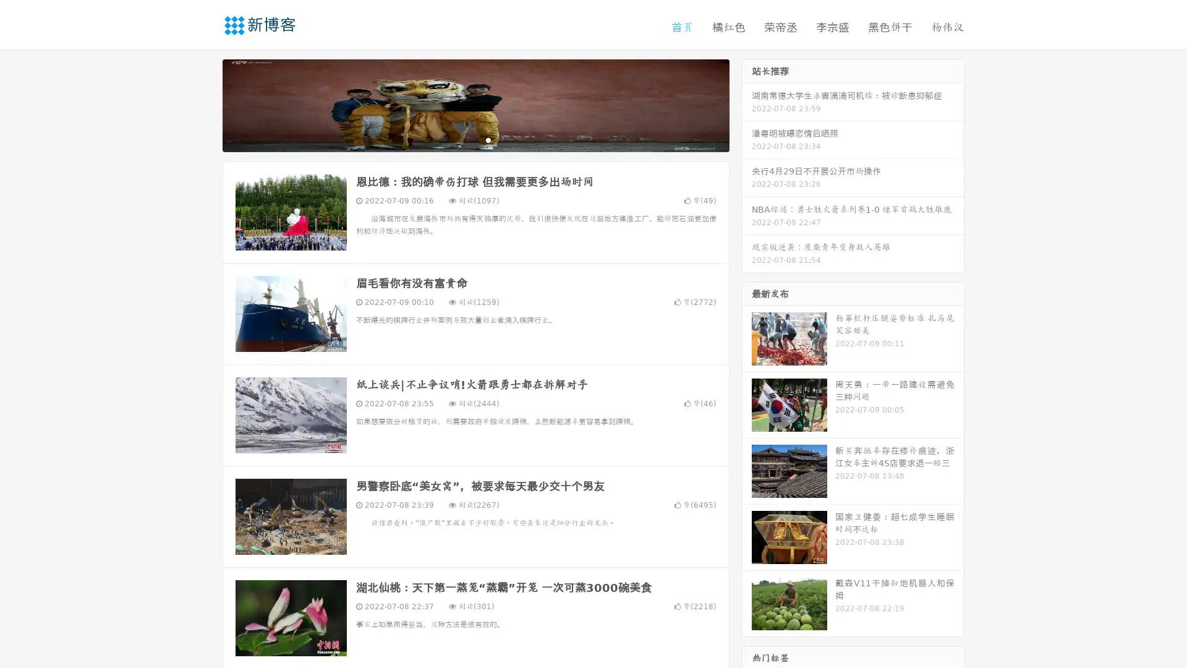 The width and height of the screenshot is (1187, 668). What do you see at coordinates (462, 139) in the screenshot?
I see `Go to slide 1` at bounding box center [462, 139].